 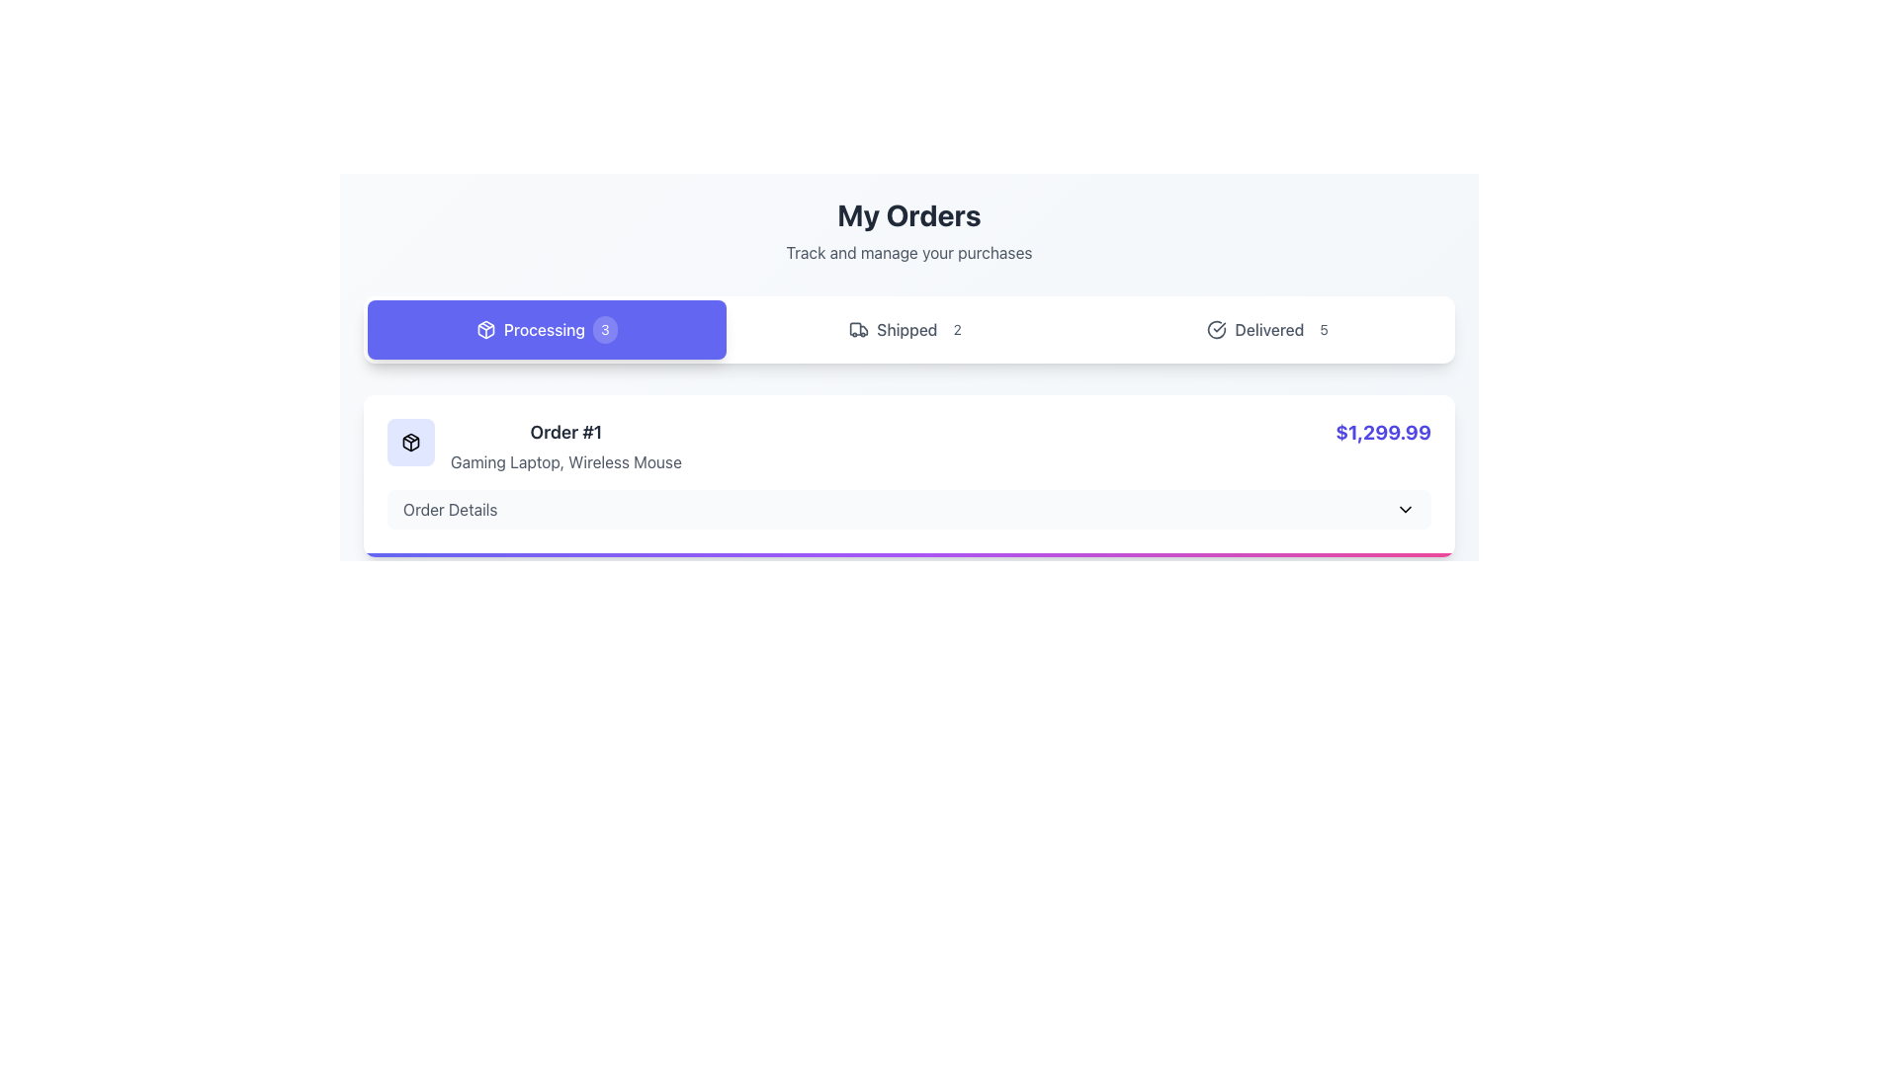 What do you see at coordinates (908, 555) in the screenshot?
I see `the thin rectangular gradient visual indicator located at the bottom of the order summary card, directly below the 'Order Details' button` at bounding box center [908, 555].